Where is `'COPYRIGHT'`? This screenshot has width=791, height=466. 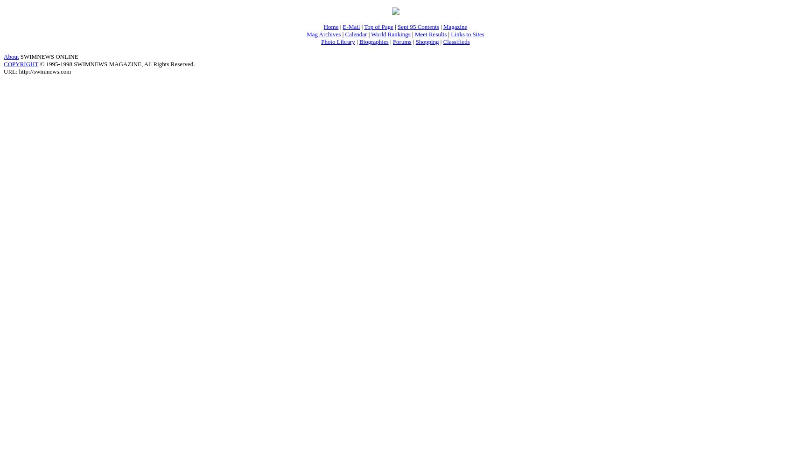
'COPYRIGHT' is located at coordinates (21, 63).